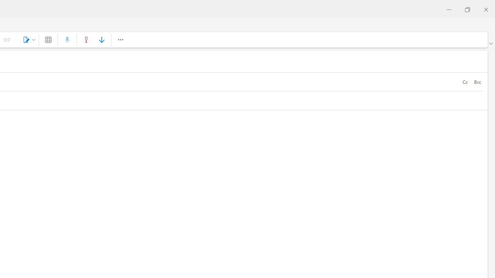  I want to click on 'More options', so click(120, 39).